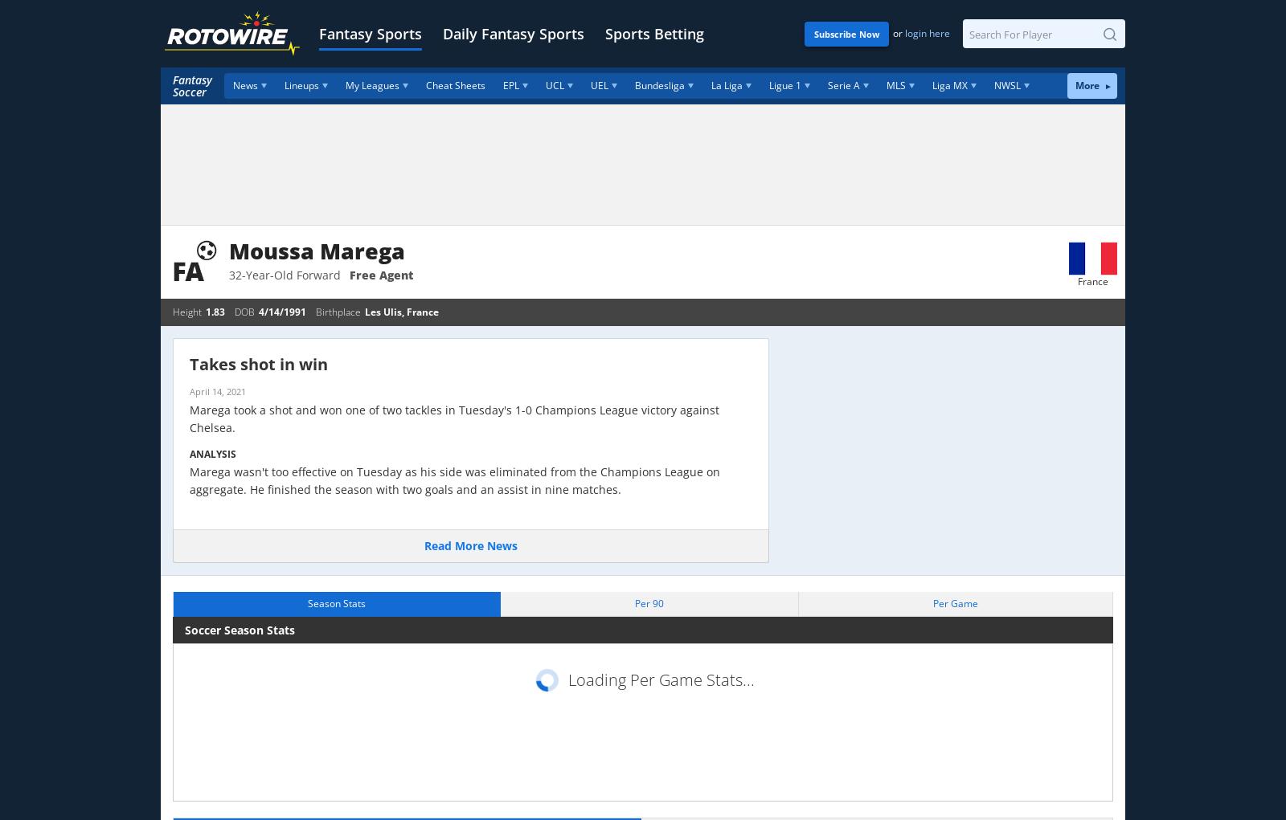 The height and width of the screenshot is (820, 1286). Describe the element at coordinates (653, 33) in the screenshot. I see `'Sports Betting'` at that location.